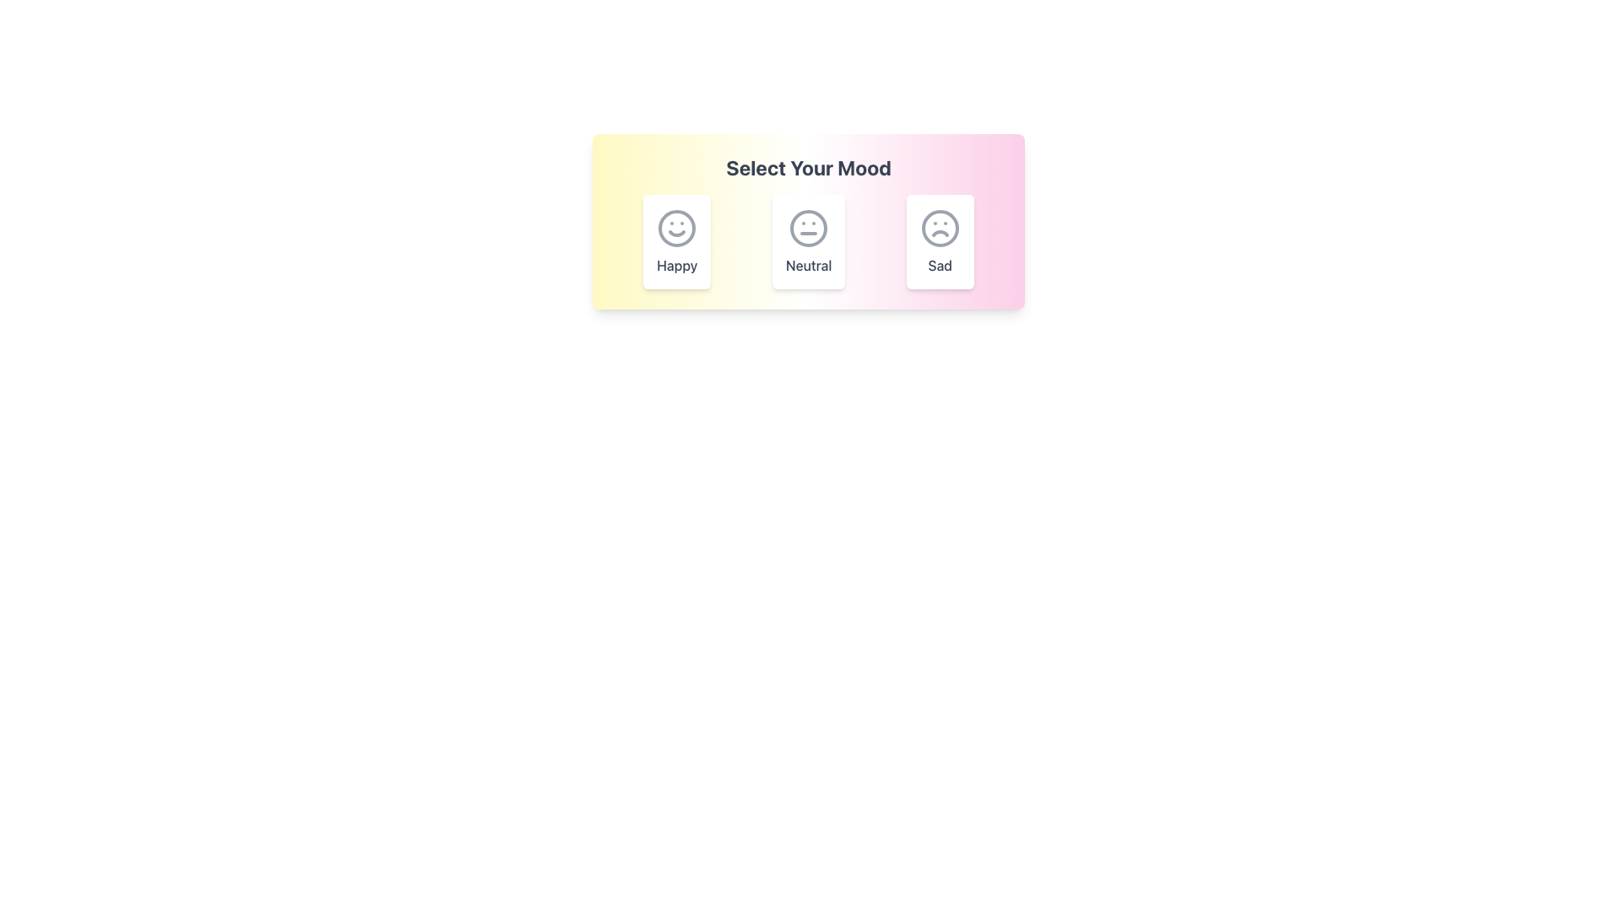  I want to click on the third mood selection card labeled 'Sad', which features a sad face icon and is located at the rightmost position among the options, so click(939, 241).